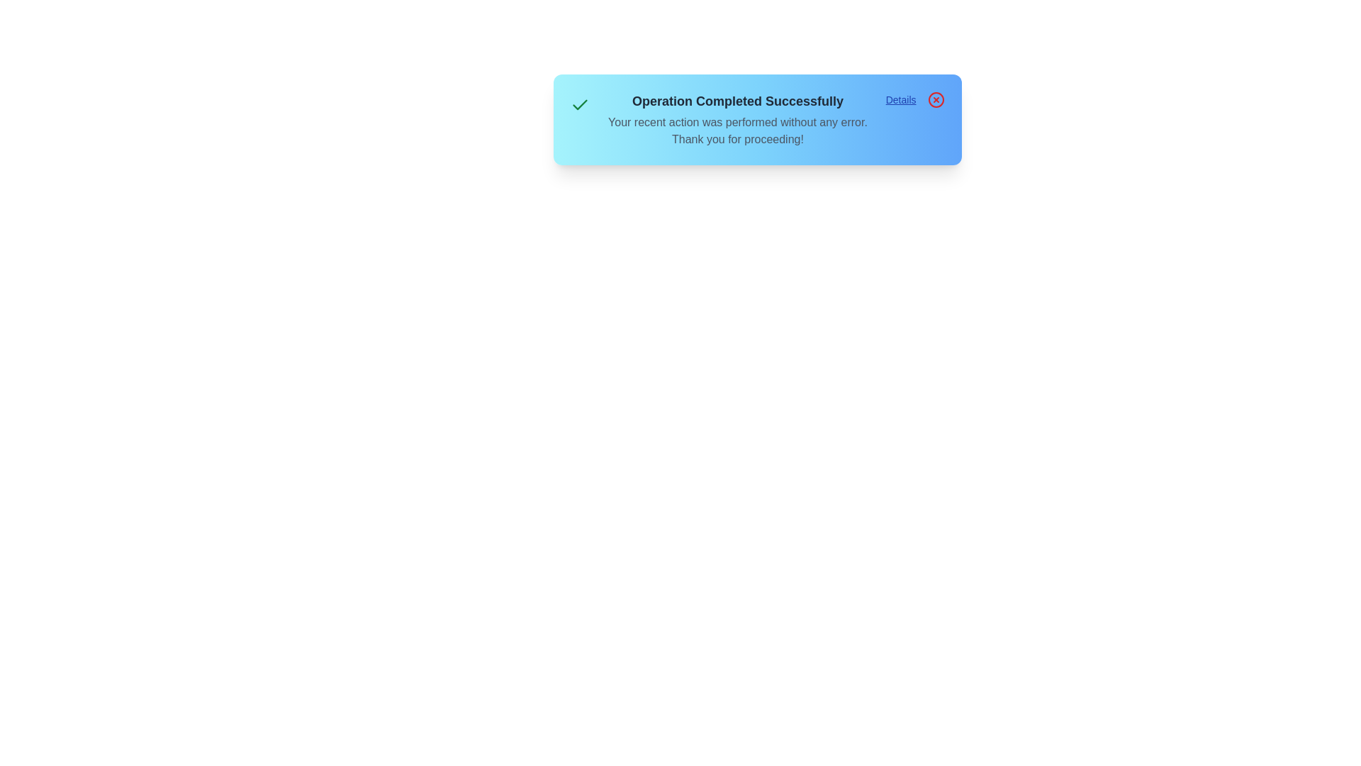 The image size is (1361, 766). I want to click on the alert text for copying, so click(601, 91).